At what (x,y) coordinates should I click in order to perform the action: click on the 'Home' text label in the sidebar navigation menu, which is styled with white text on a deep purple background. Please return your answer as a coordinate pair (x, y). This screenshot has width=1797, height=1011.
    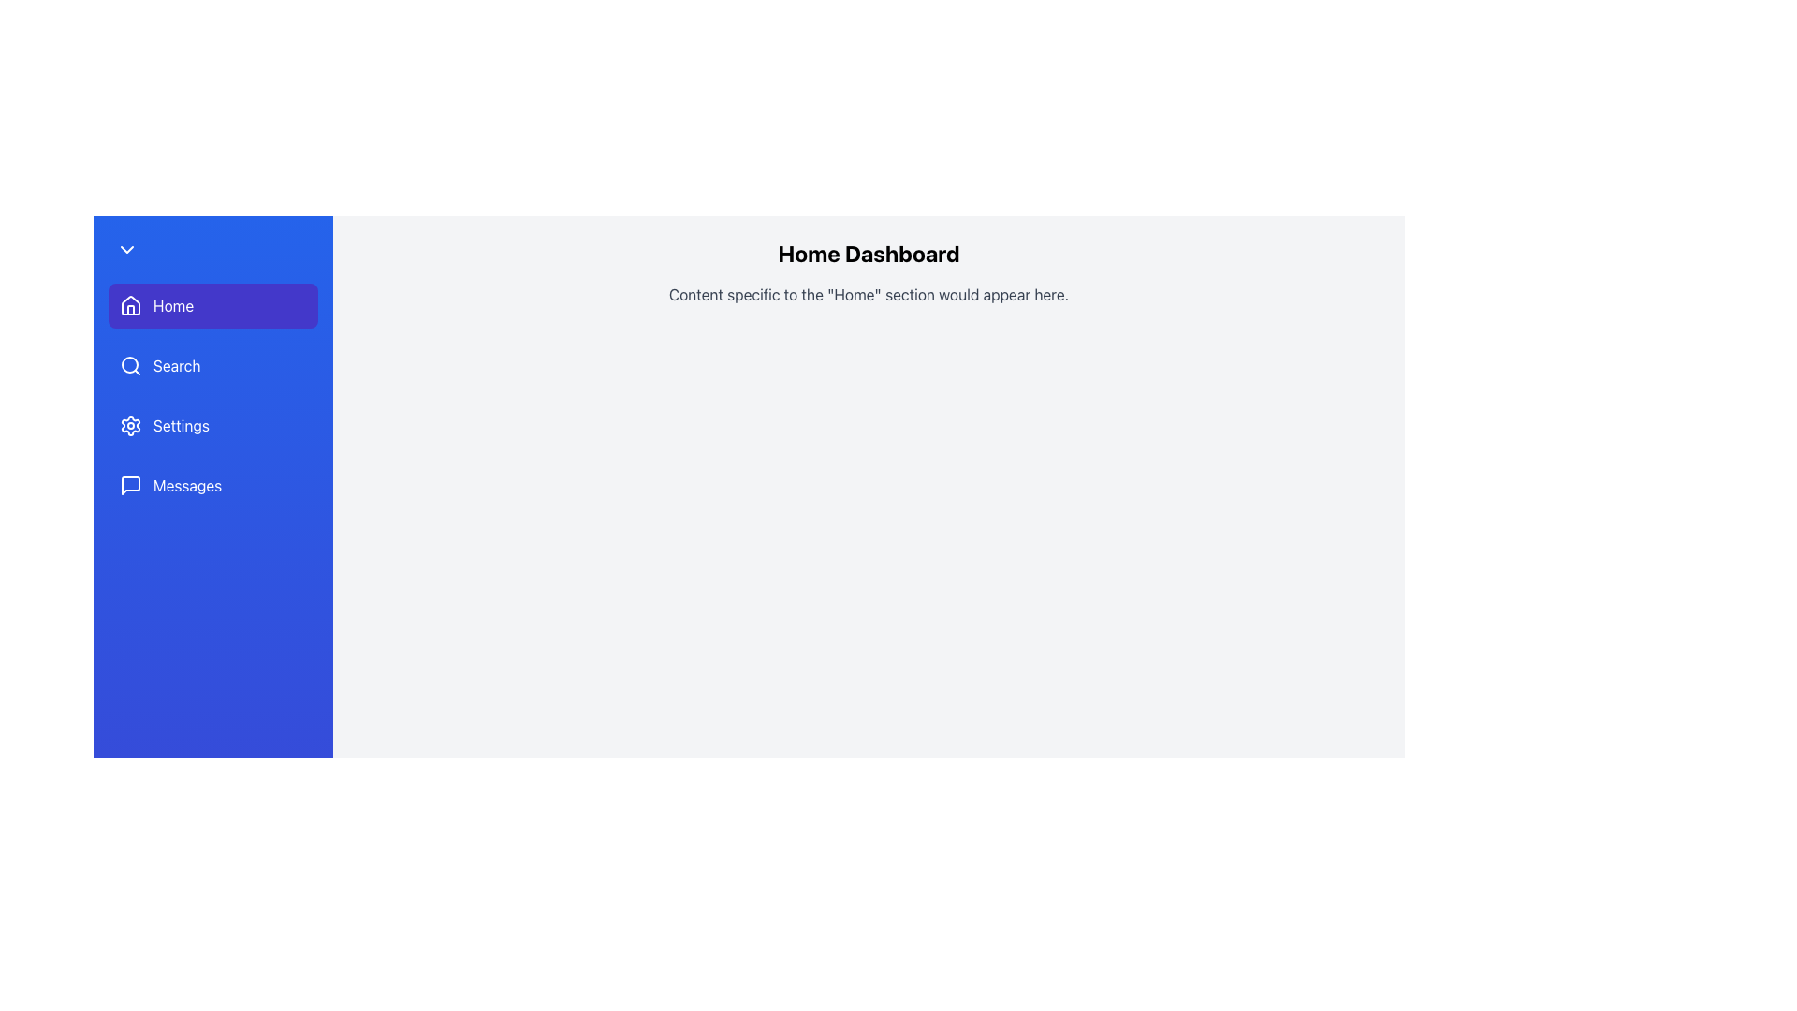
    Looking at the image, I should click on (173, 305).